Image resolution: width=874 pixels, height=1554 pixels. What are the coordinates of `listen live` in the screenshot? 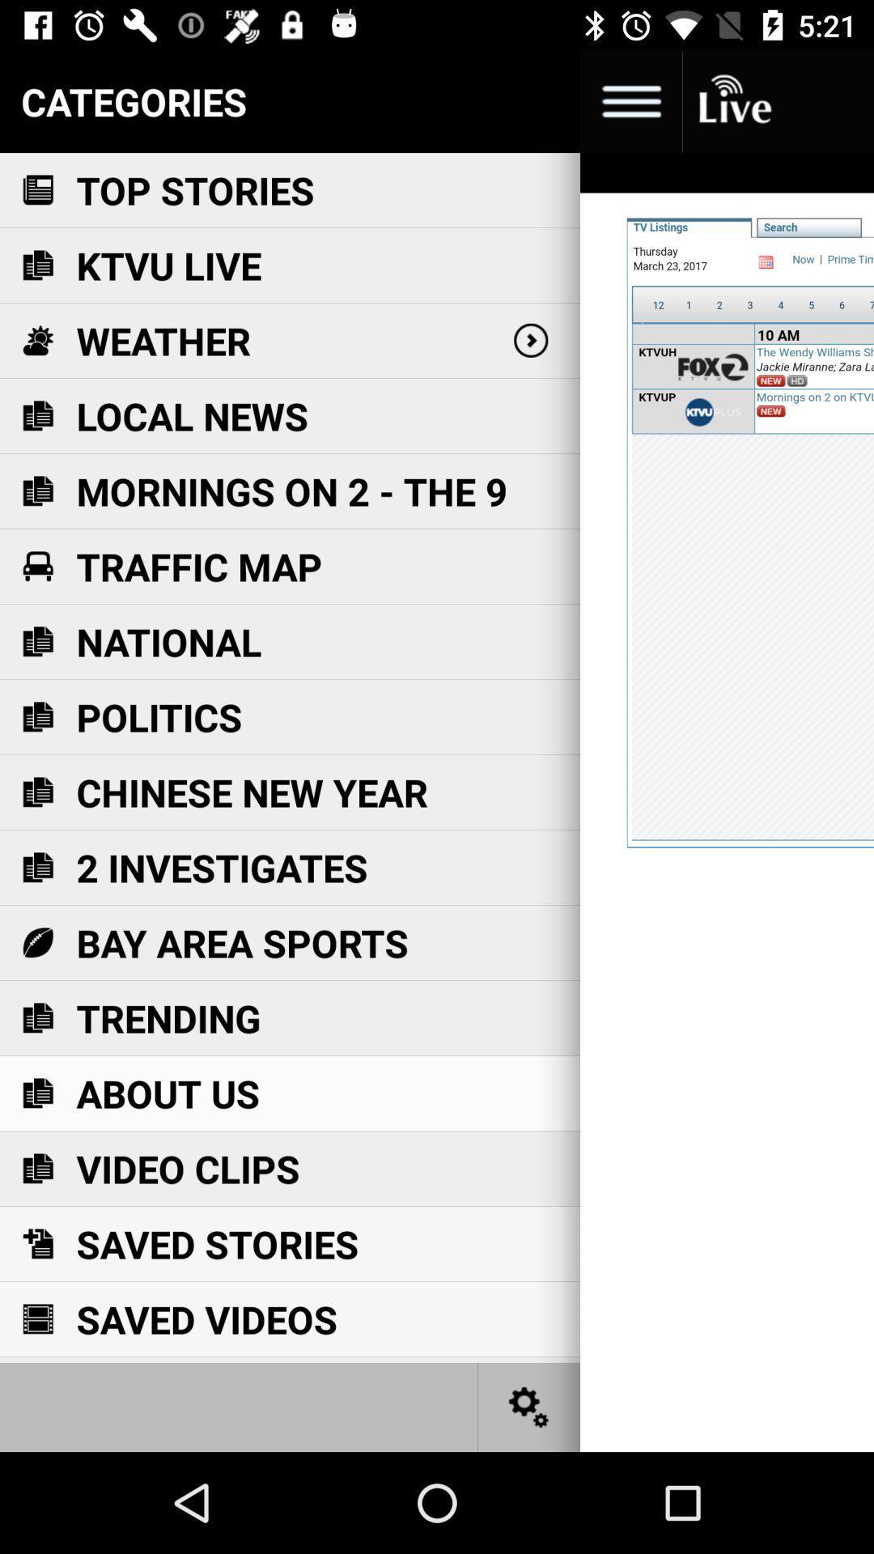 It's located at (733, 100).